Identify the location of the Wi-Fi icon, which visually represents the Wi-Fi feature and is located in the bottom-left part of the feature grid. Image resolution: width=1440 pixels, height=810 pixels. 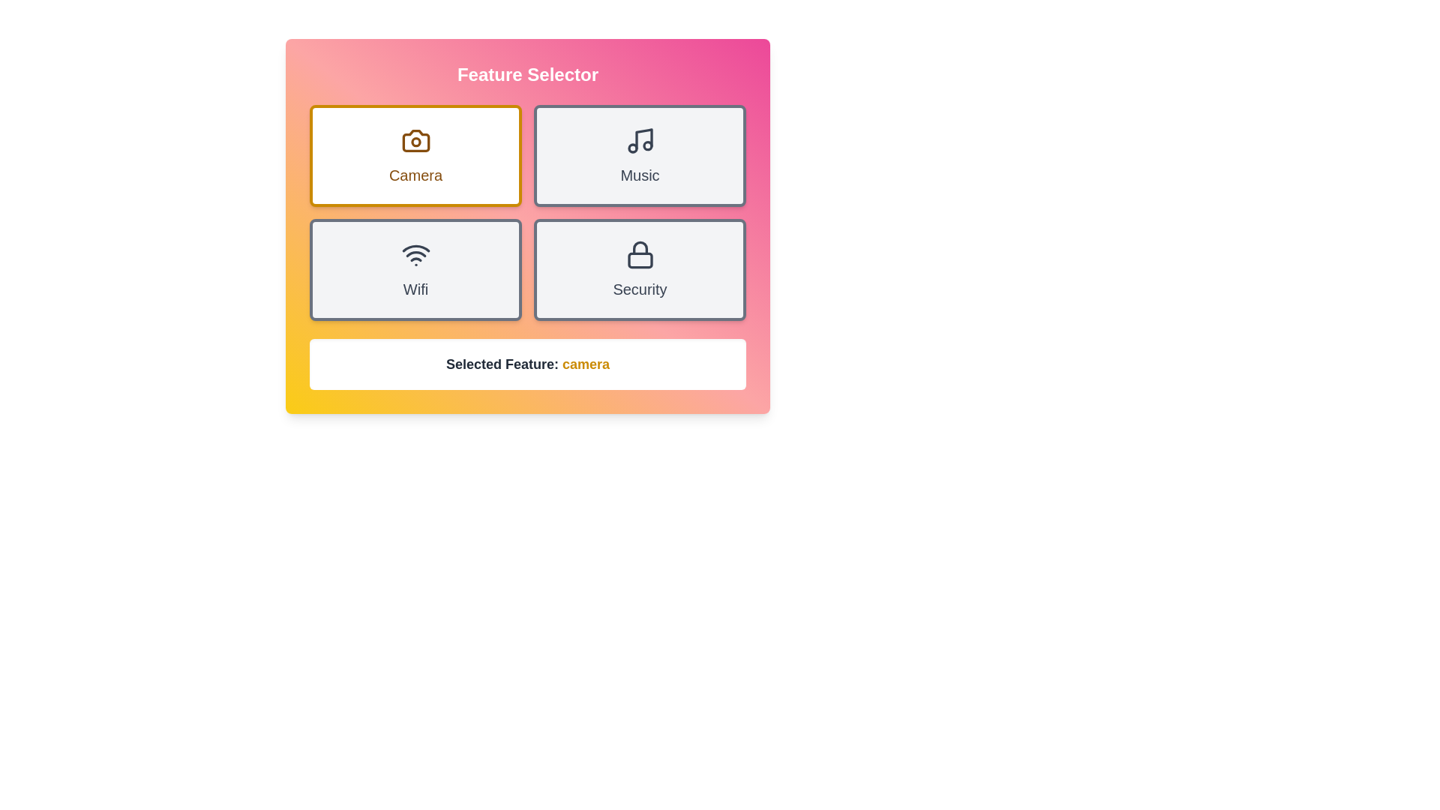
(415, 253).